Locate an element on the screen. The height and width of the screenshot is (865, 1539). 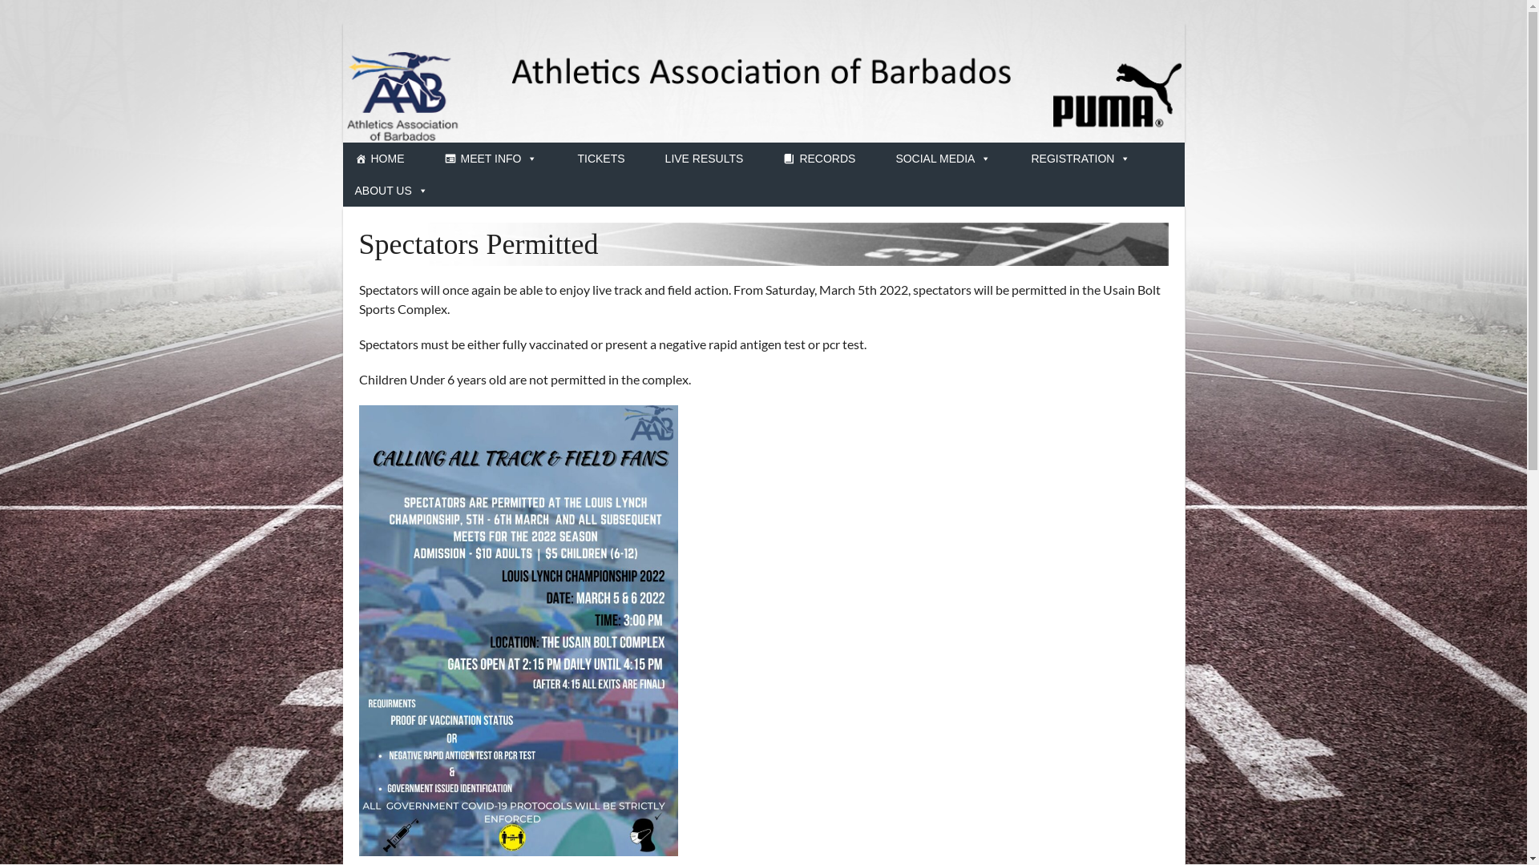
'LIVE RESULTS' is located at coordinates (704, 158).